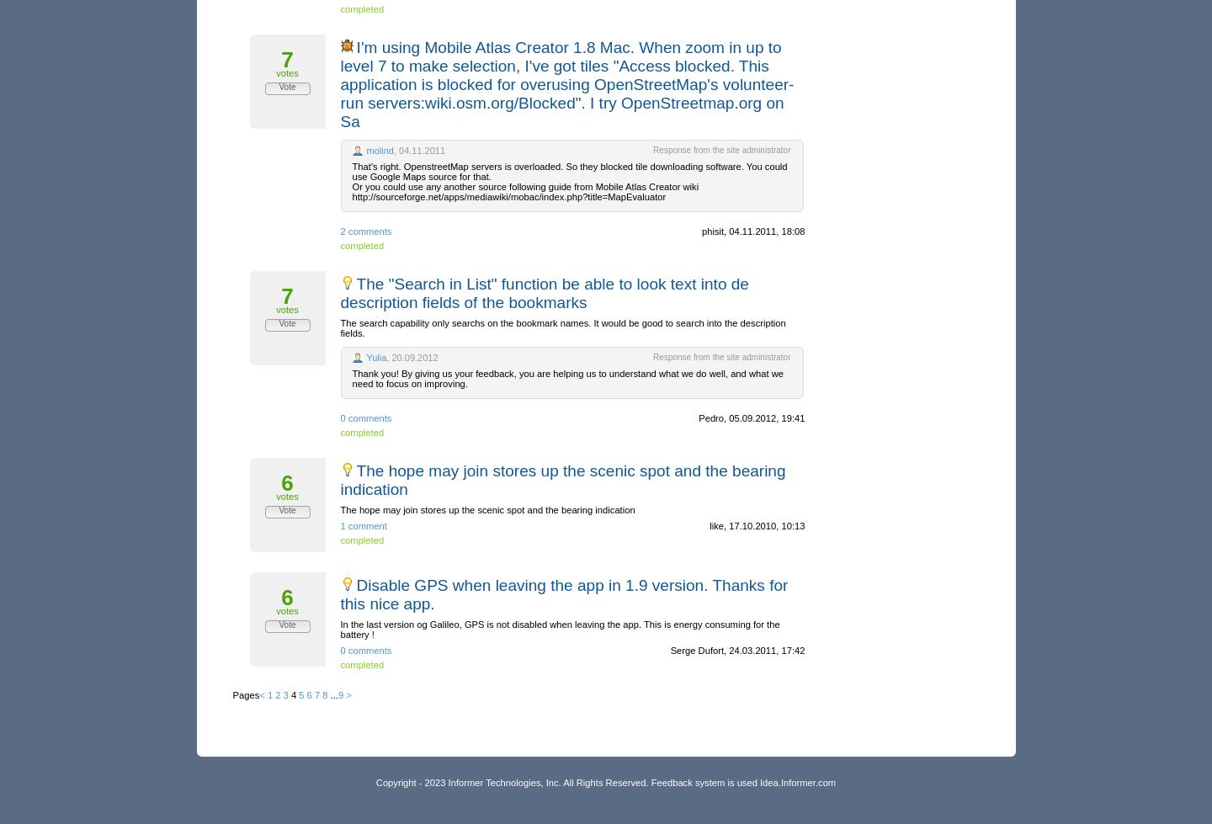 The image size is (1212, 824). What do you see at coordinates (375, 781) in the screenshot?
I see `'Copyright - 2023 Informer Technologies, Inc. All Rights Reserved. Feedback system is used'` at bounding box center [375, 781].